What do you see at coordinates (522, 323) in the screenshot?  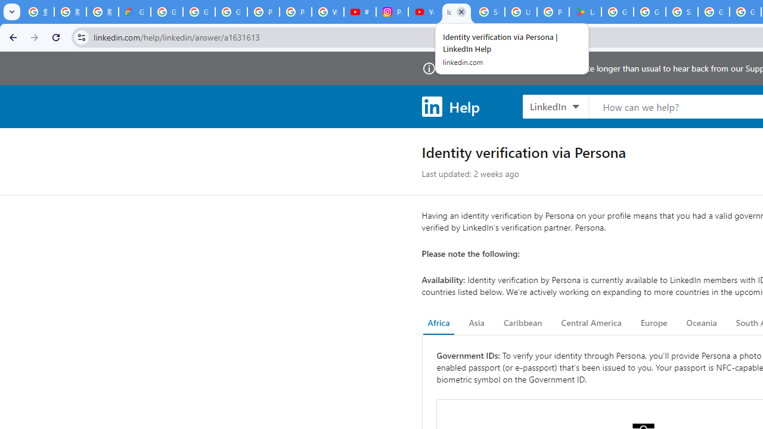 I see `'Caribbean'` at bounding box center [522, 323].